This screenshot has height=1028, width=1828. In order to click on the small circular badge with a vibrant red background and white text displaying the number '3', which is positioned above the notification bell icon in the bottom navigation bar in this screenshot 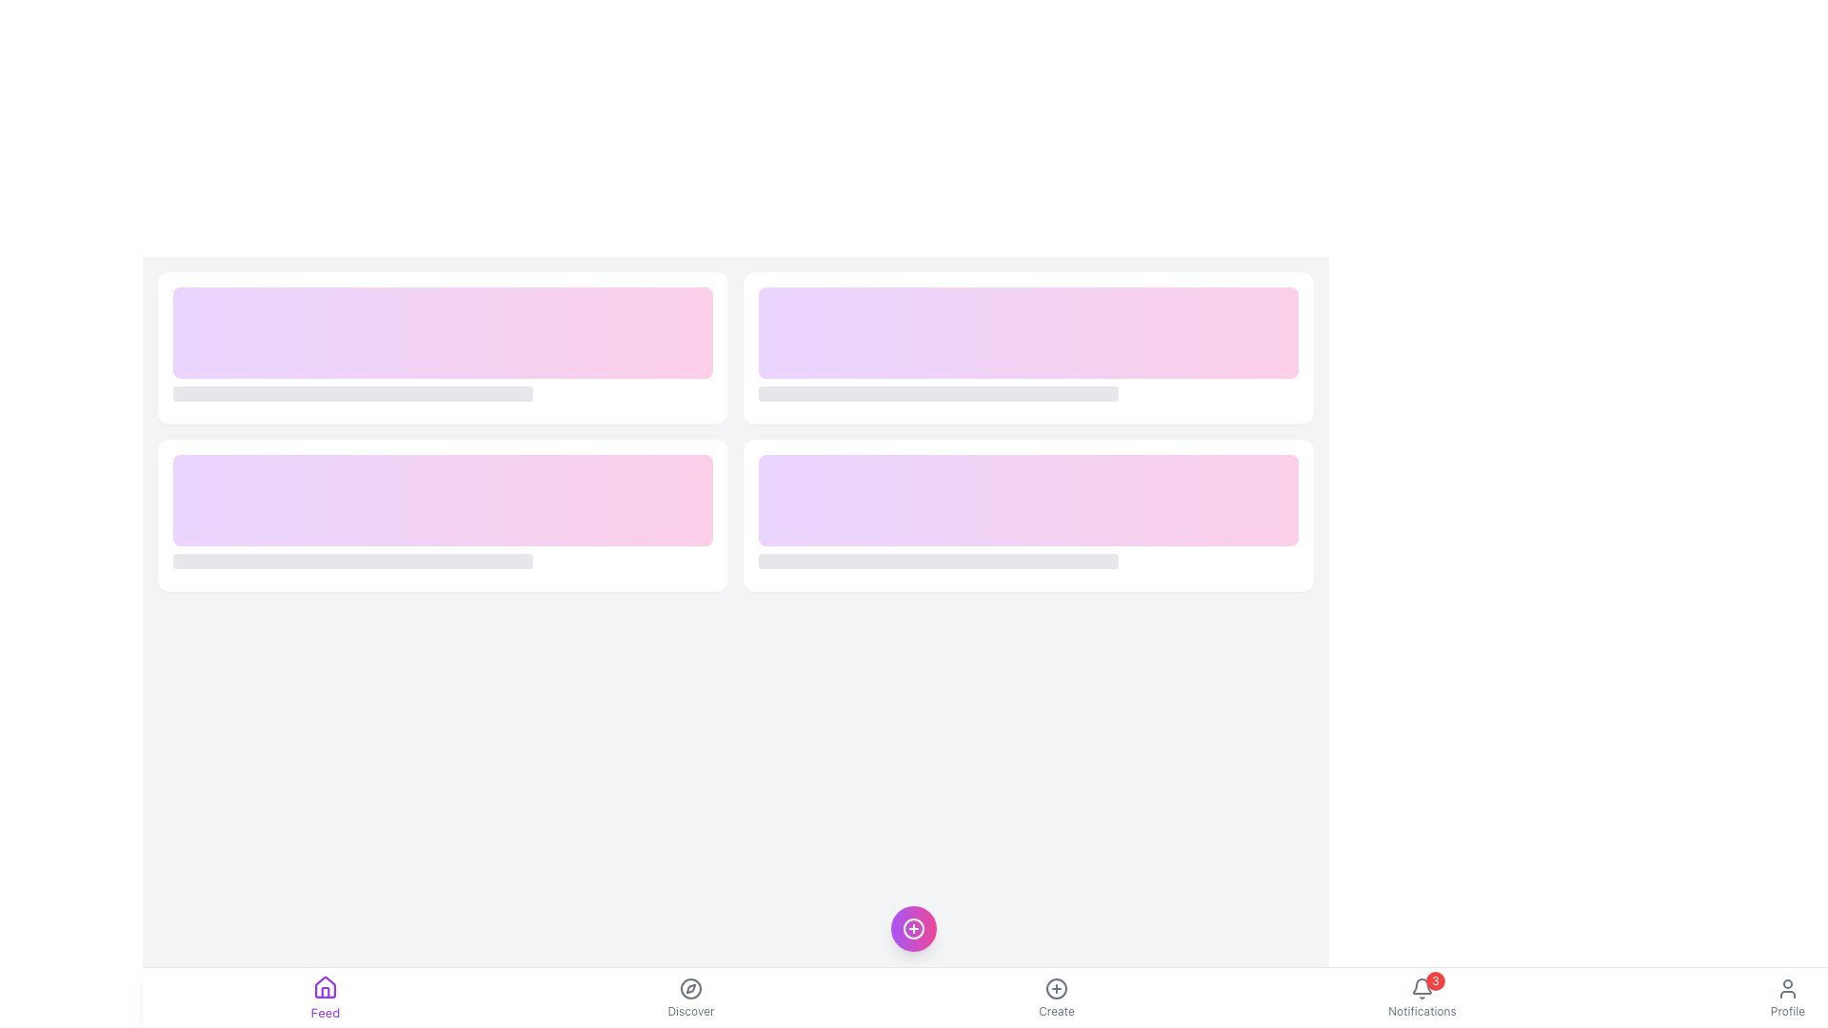, I will do `click(1435, 979)`.